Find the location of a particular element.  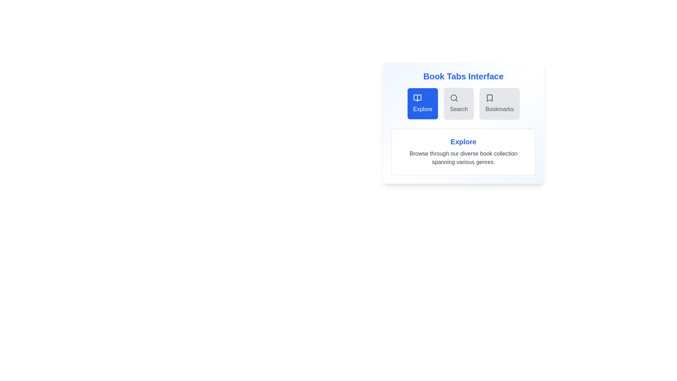

the tab labeled Explore is located at coordinates (423, 103).